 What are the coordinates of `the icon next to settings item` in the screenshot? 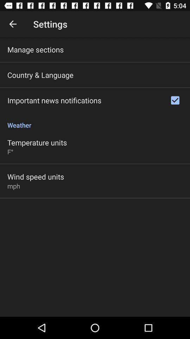 It's located at (13, 24).